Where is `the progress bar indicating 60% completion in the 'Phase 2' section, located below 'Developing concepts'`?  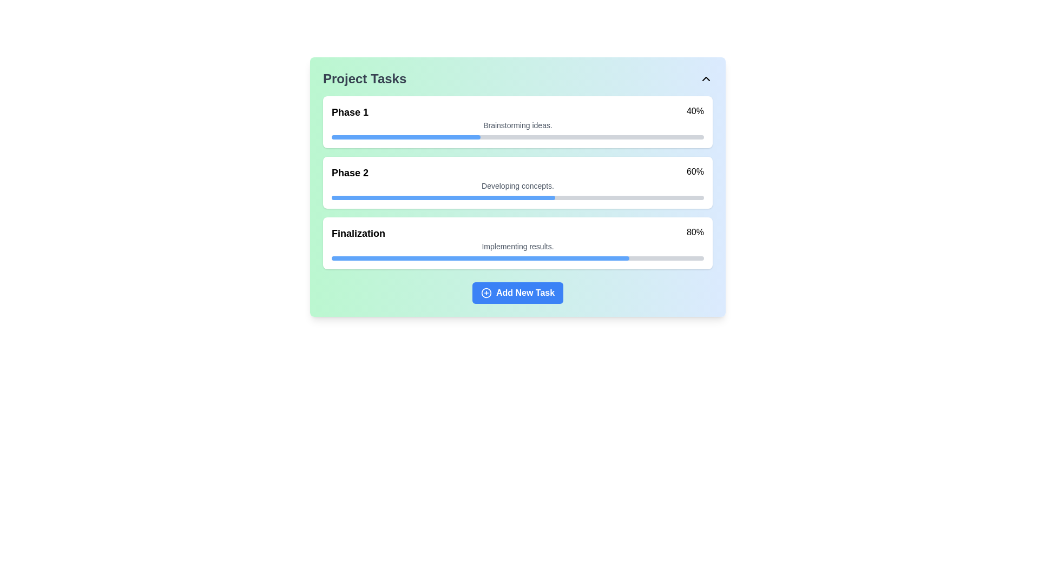
the progress bar indicating 60% completion in the 'Phase 2' section, located below 'Developing concepts' is located at coordinates (517, 198).